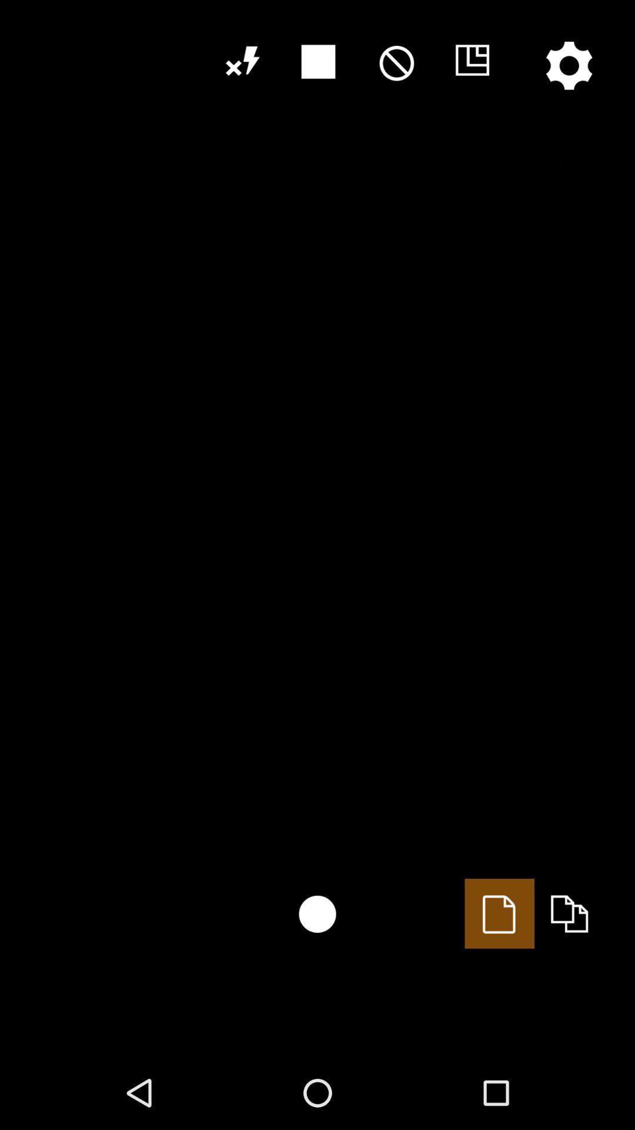 The height and width of the screenshot is (1130, 635). What do you see at coordinates (569, 913) in the screenshot?
I see `the copy icon` at bounding box center [569, 913].